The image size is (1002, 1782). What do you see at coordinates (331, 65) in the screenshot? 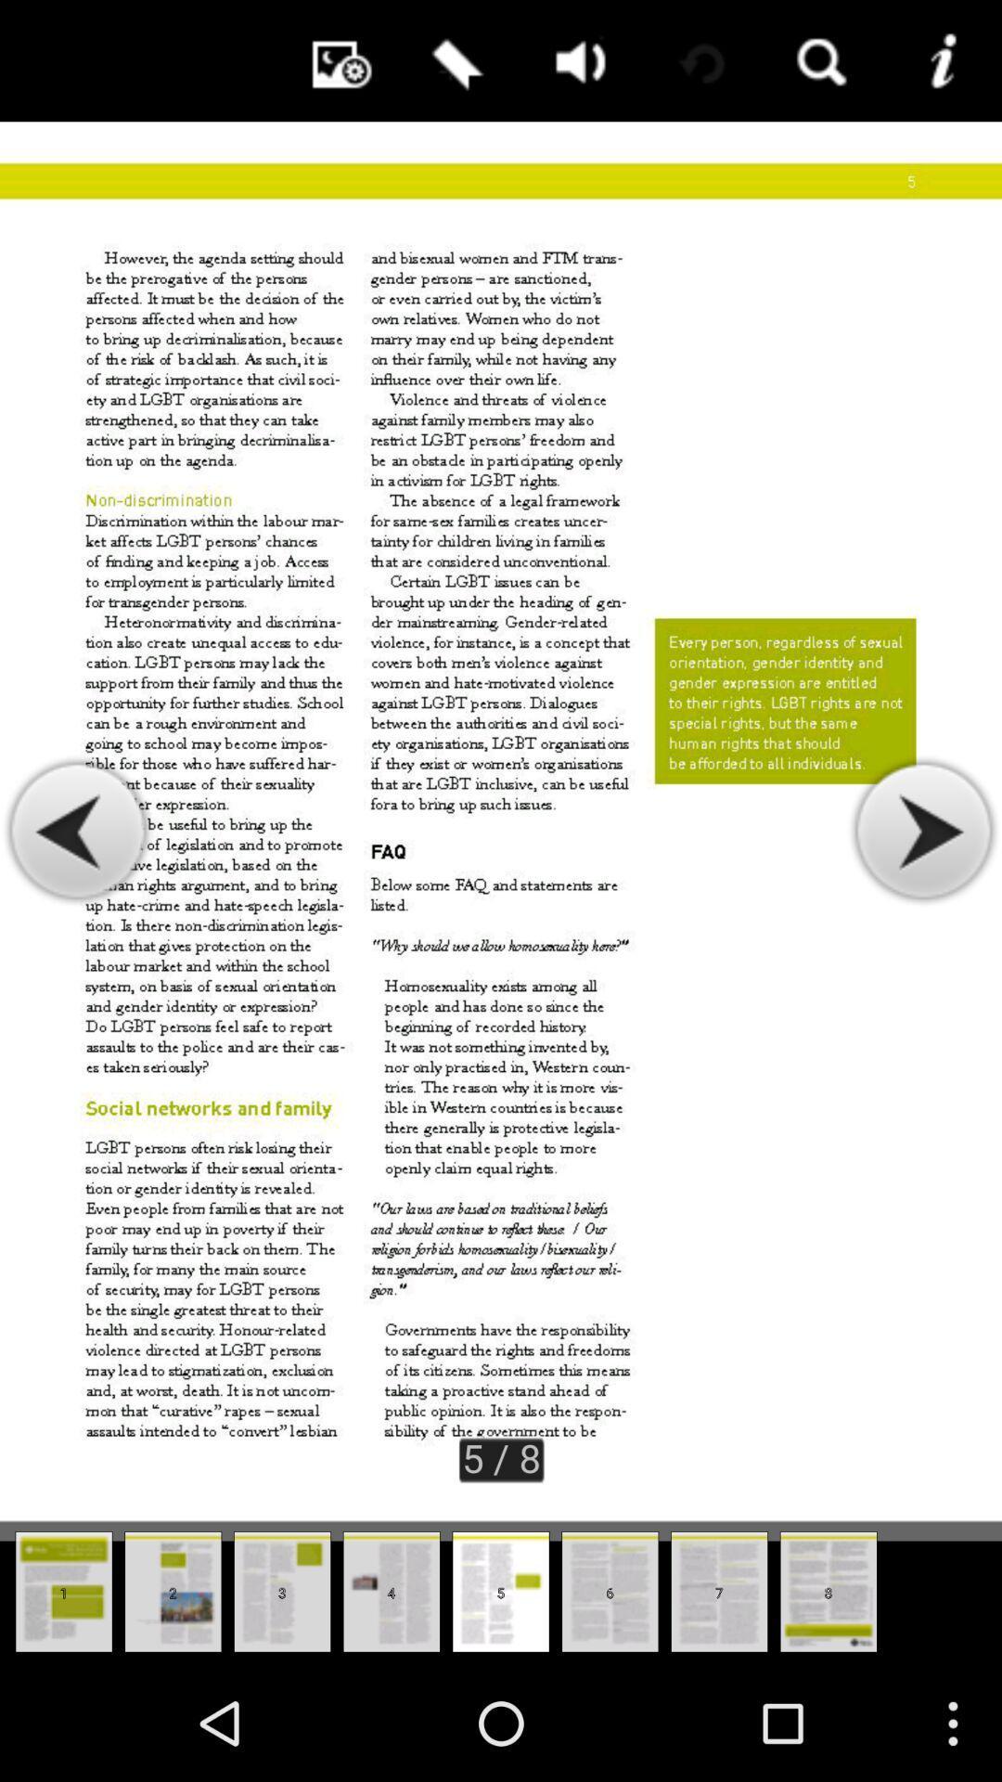
I see `the wallpaper icon` at bounding box center [331, 65].